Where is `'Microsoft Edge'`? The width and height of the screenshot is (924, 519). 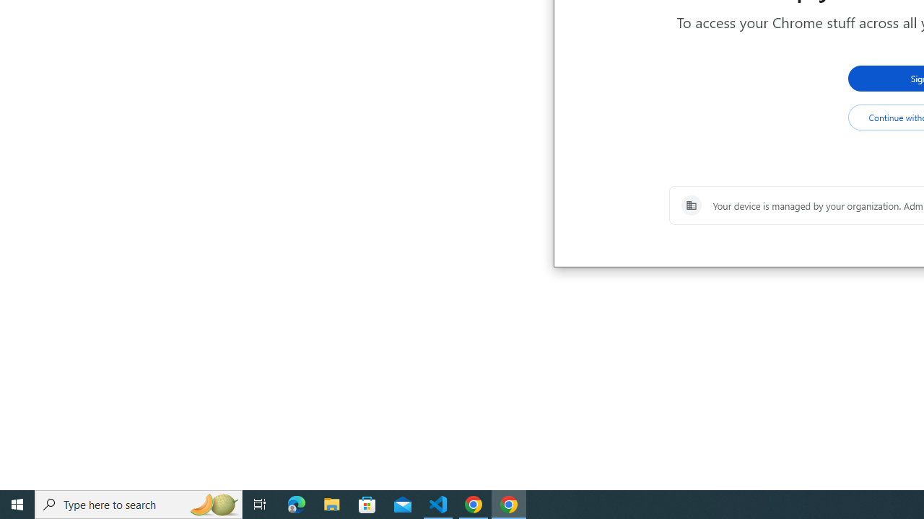
'Microsoft Edge' is located at coordinates (296, 503).